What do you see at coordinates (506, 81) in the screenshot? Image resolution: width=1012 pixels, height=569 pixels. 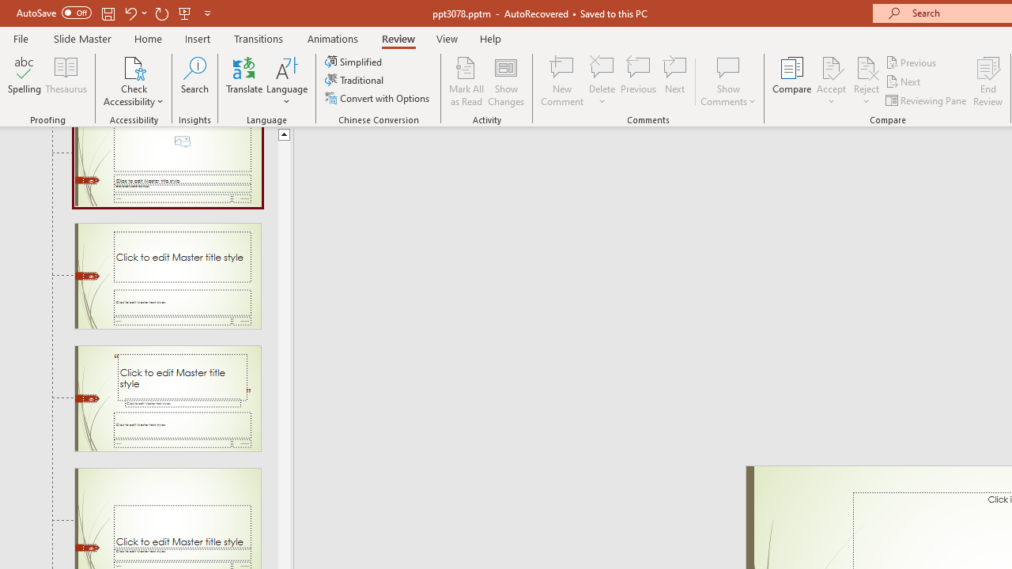 I see `'Show Changes'` at bounding box center [506, 81].